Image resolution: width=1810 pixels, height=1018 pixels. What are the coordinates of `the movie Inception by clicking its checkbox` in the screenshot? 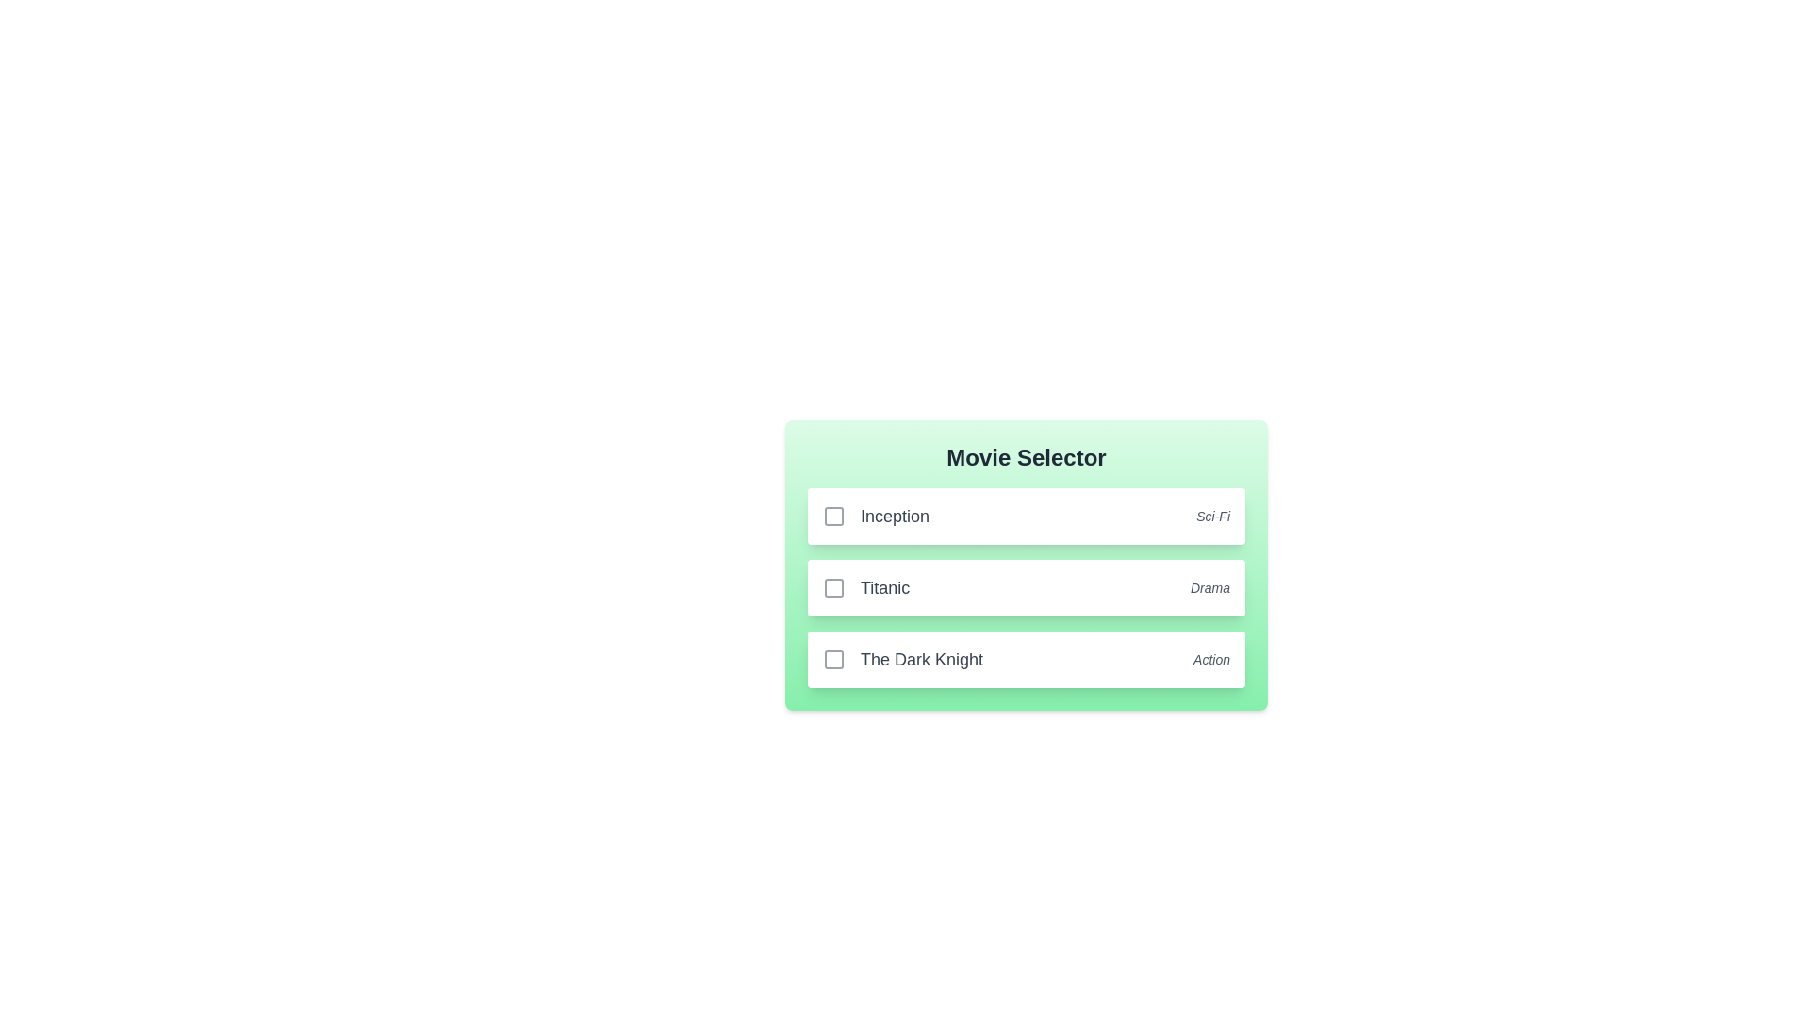 It's located at (832, 516).